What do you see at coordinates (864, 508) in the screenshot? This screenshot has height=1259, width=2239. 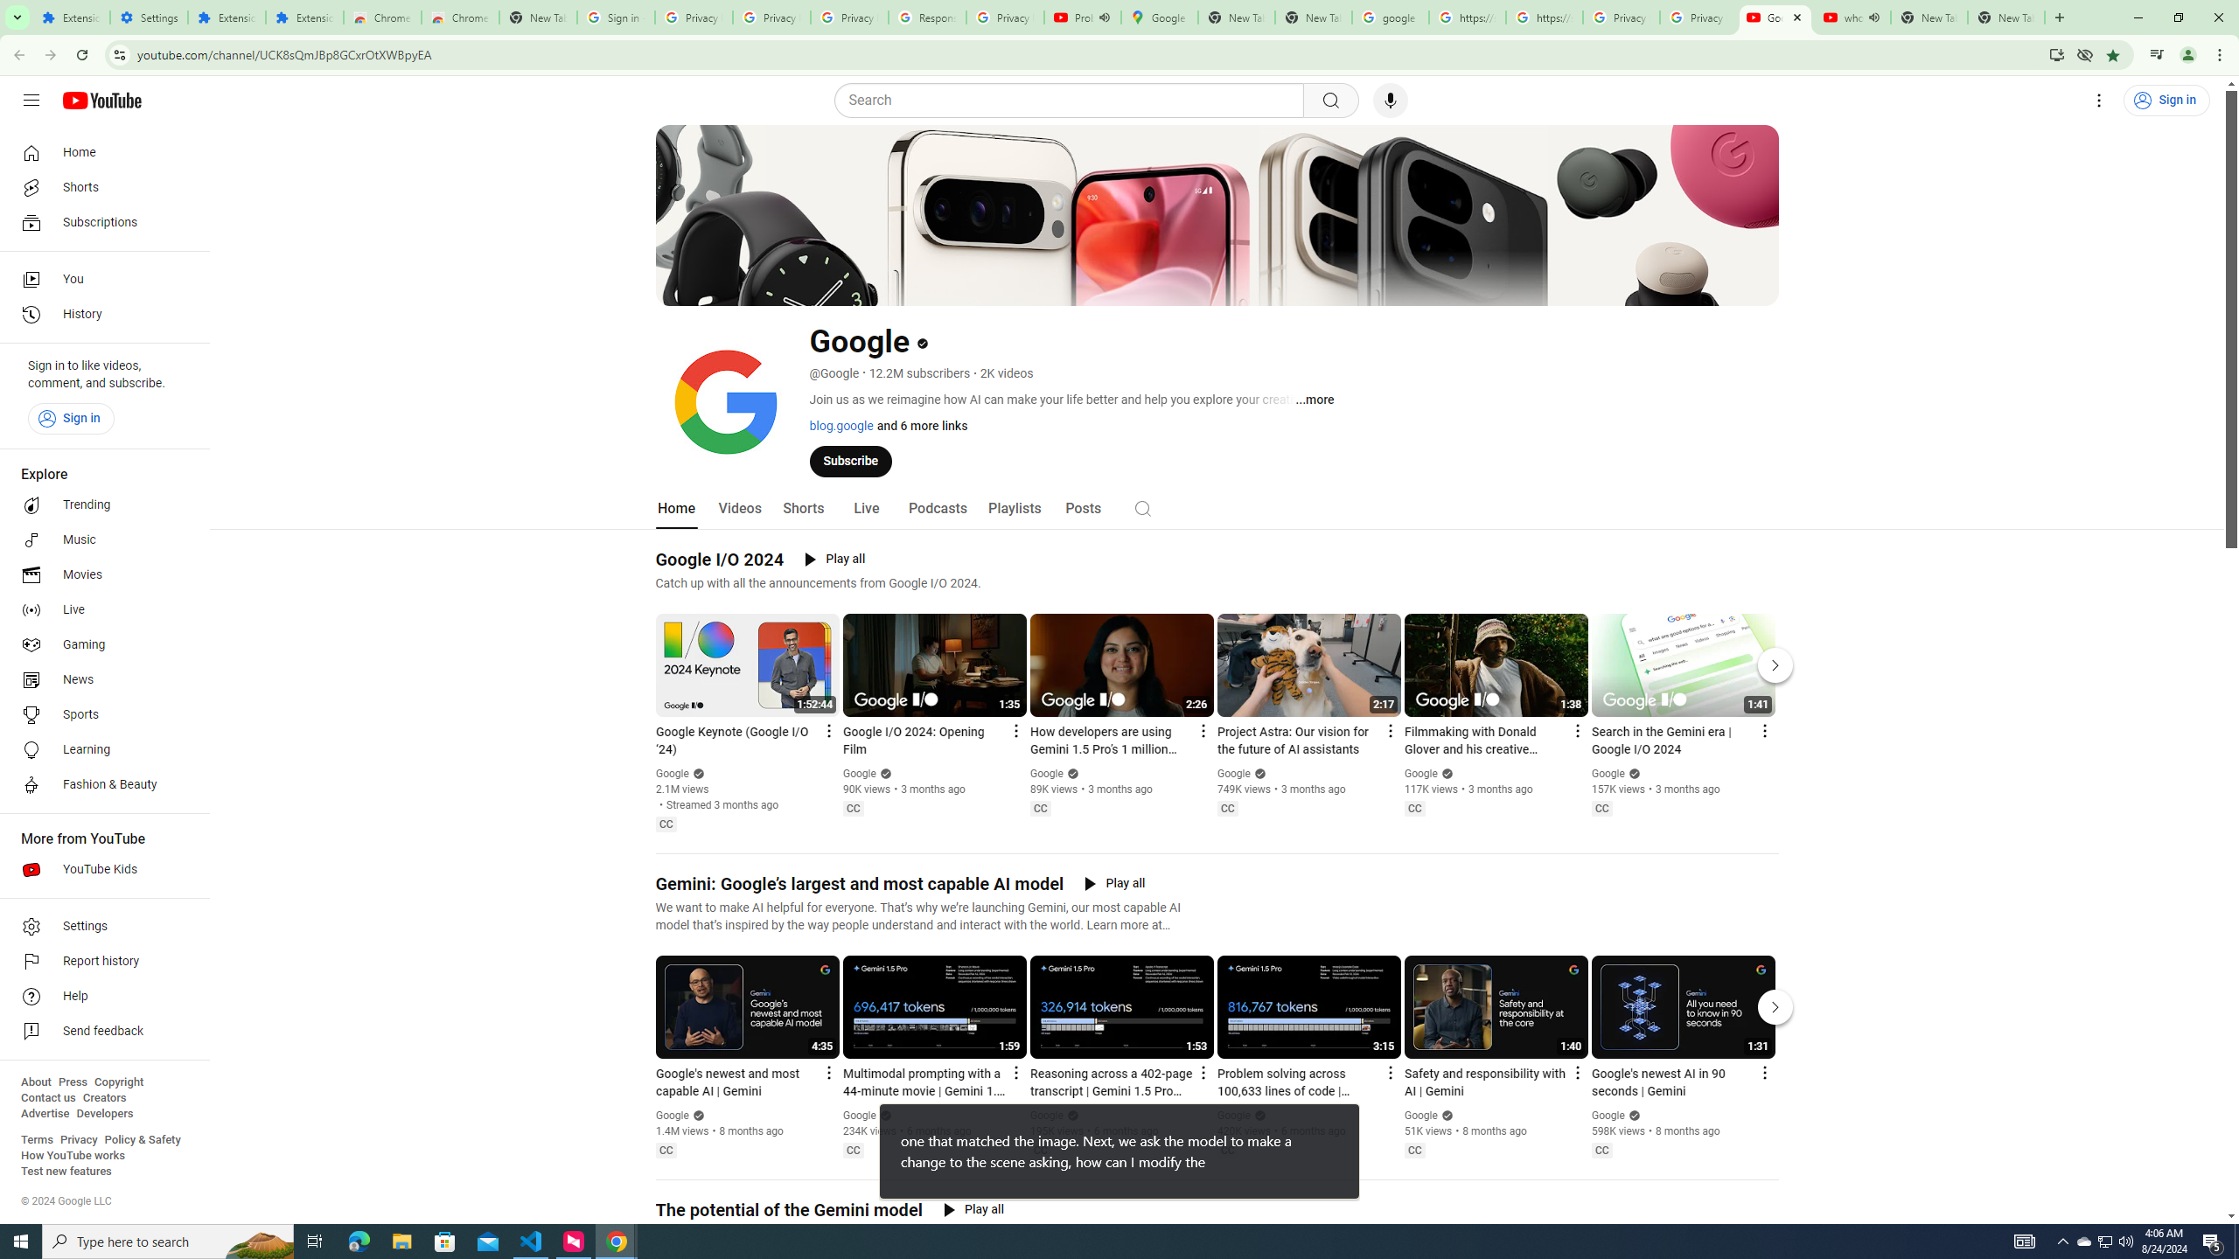 I see `'Live'` at bounding box center [864, 508].